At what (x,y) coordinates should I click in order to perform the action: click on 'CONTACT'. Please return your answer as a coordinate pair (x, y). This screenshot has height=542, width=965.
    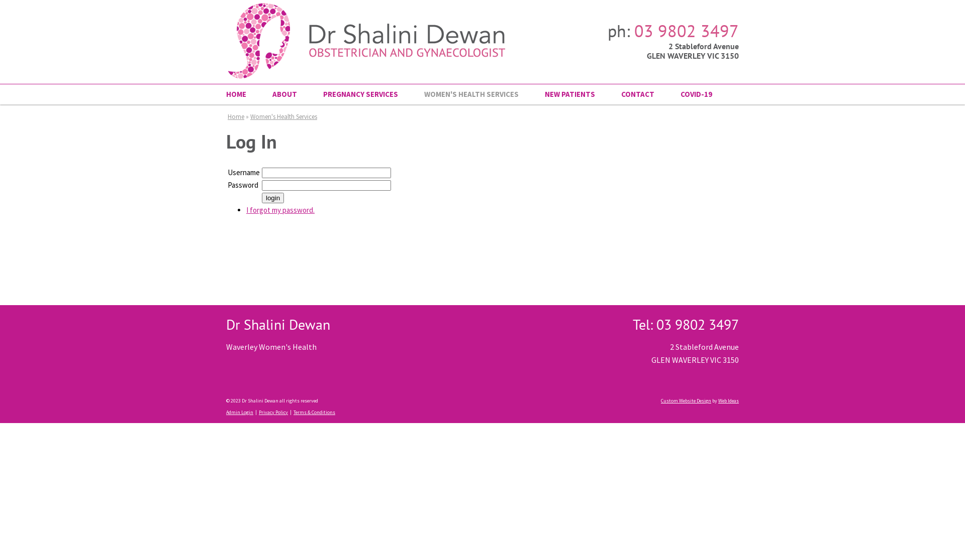
    Looking at the image, I should click on (637, 94).